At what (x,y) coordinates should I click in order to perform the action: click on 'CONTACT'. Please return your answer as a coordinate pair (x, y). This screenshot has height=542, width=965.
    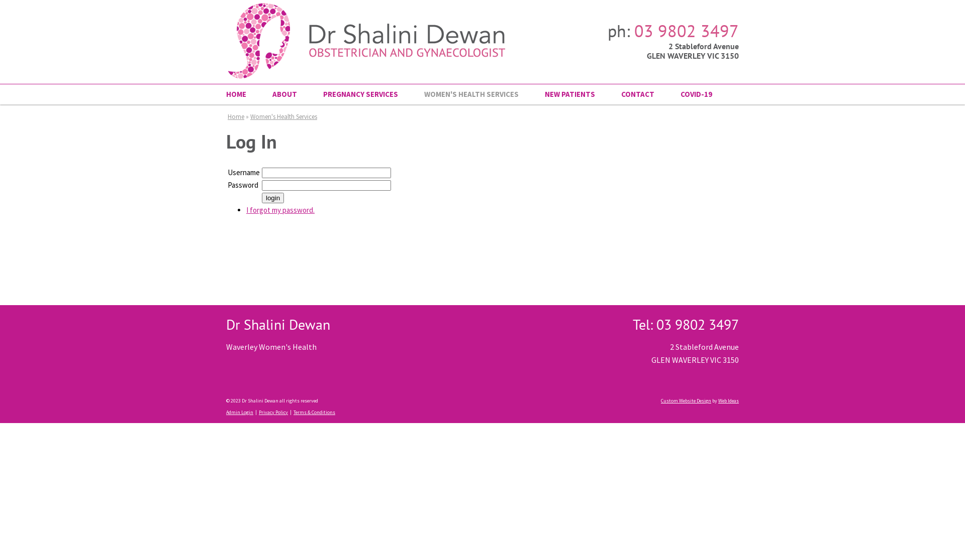
    Looking at the image, I should click on (637, 94).